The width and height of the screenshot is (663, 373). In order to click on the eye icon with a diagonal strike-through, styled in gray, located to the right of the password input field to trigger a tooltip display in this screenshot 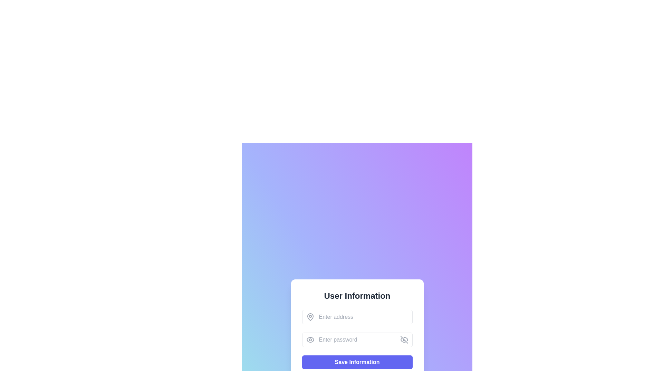, I will do `click(404, 339)`.